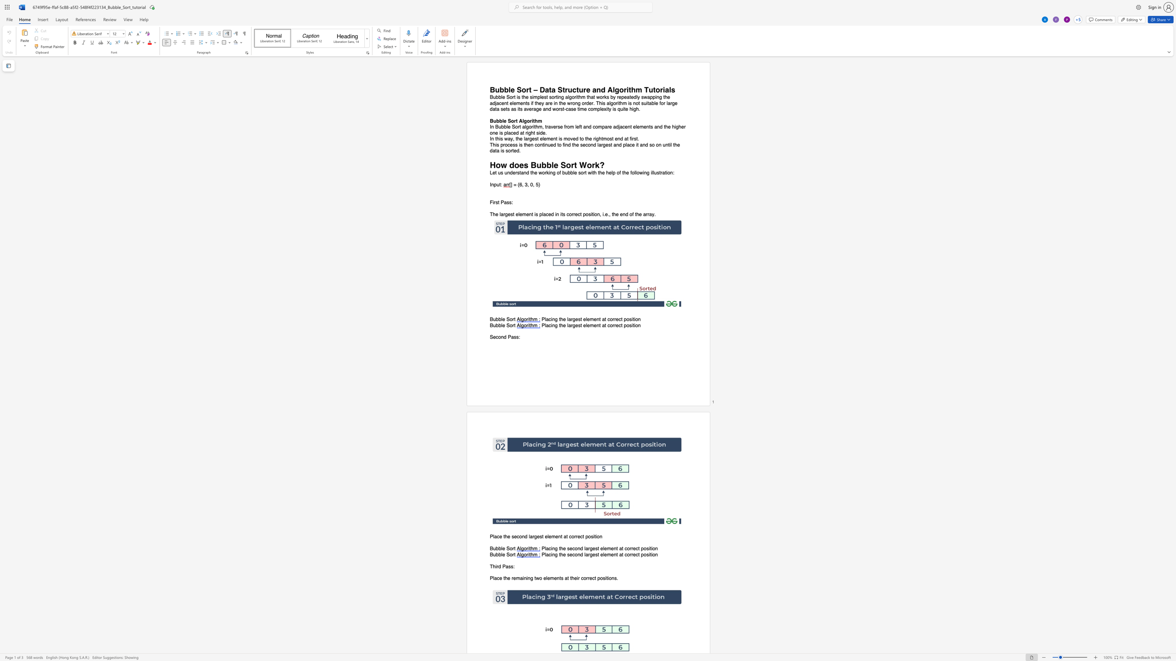 The image size is (1176, 661). Describe the element at coordinates (517, 578) in the screenshot. I see `the 1th character "m" in the text` at that location.